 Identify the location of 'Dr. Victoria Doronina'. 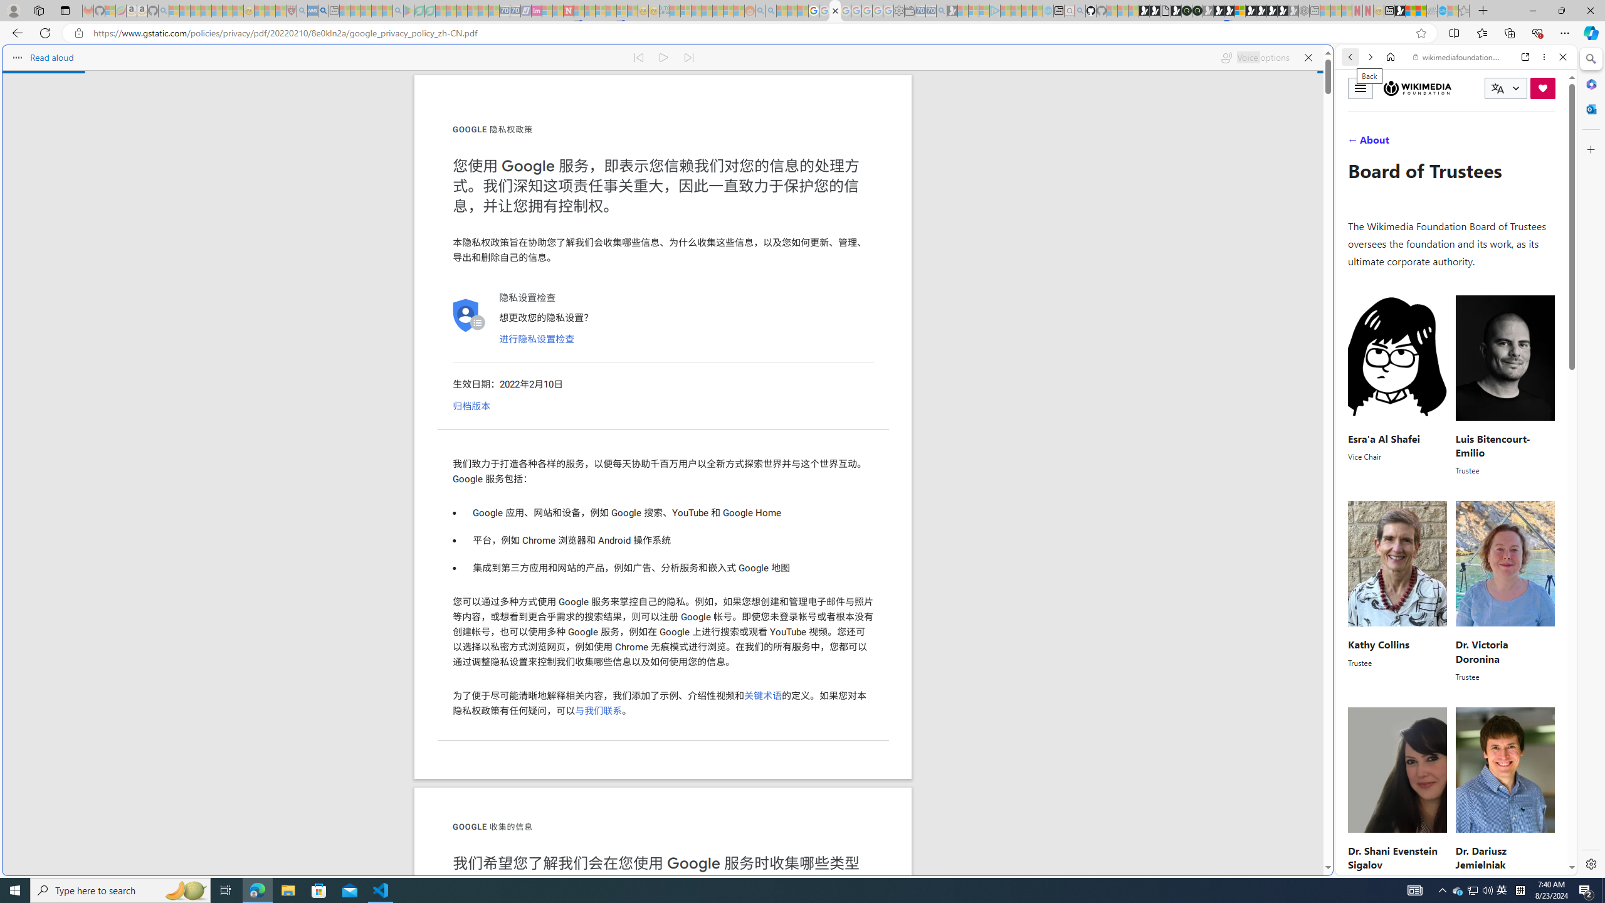
(1480, 651).